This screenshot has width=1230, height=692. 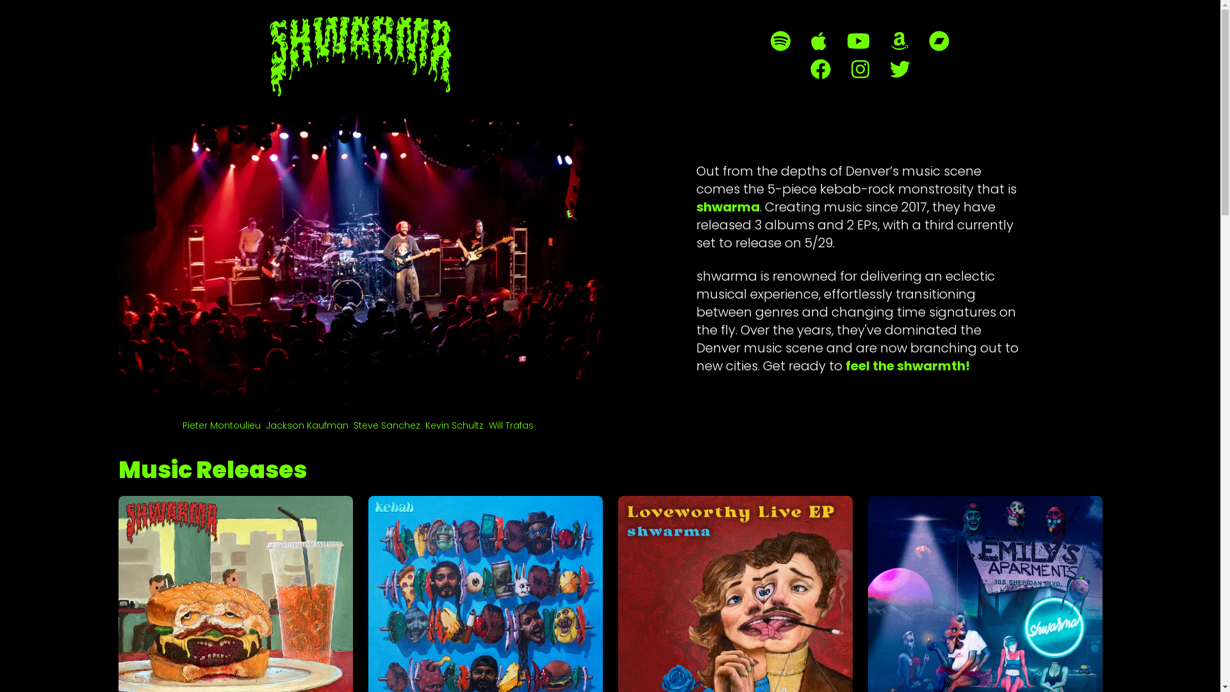 What do you see at coordinates (817, 40) in the screenshot?
I see `'Apple Music'` at bounding box center [817, 40].